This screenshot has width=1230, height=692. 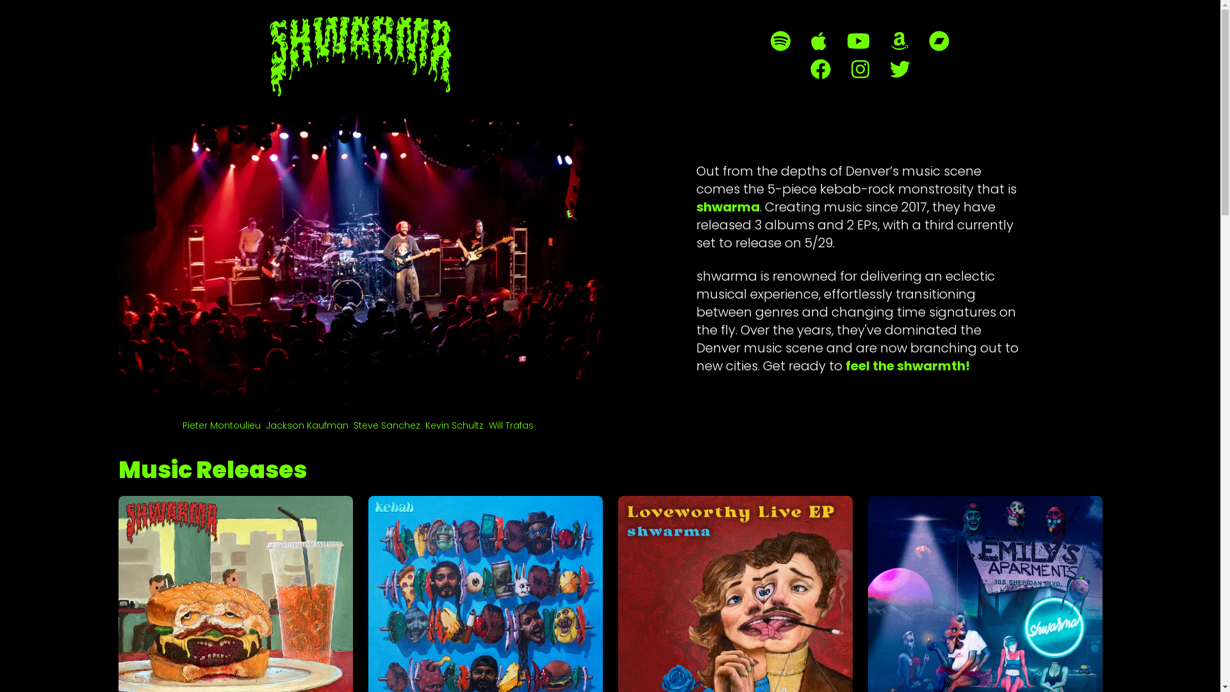 What do you see at coordinates (817, 40) in the screenshot?
I see `'Apple Music'` at bounding box center [817, 40].